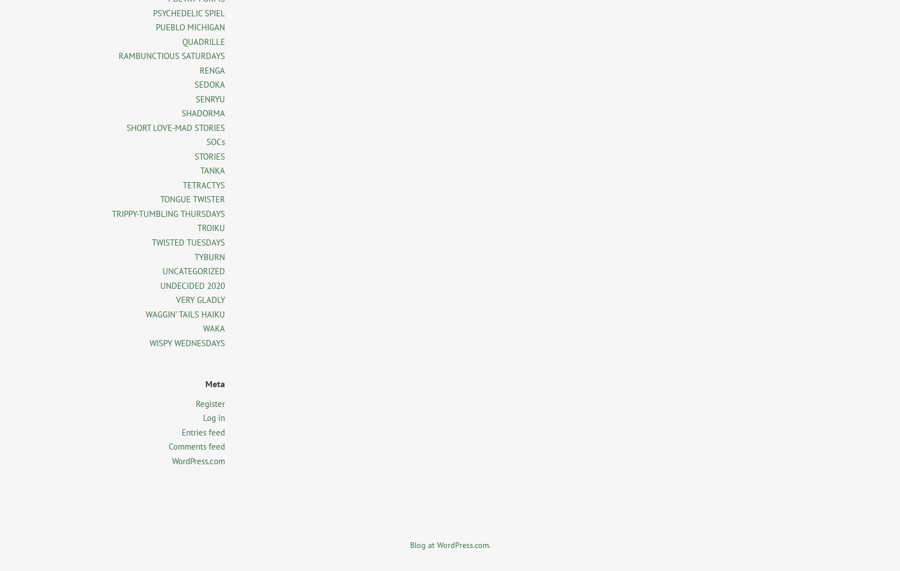 The width and height of the screenshot is (900, 571). What do you see at coordinates (200, 170) in the screenshot?
I see `'TANKA'` at bounding box center [200, 170].